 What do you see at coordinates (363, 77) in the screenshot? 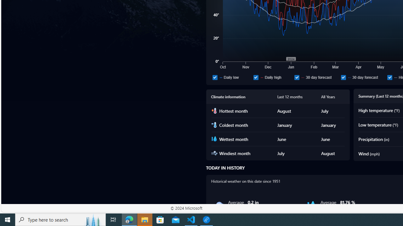
I see `'30 day forecast'` at bounding box center [363, 77].